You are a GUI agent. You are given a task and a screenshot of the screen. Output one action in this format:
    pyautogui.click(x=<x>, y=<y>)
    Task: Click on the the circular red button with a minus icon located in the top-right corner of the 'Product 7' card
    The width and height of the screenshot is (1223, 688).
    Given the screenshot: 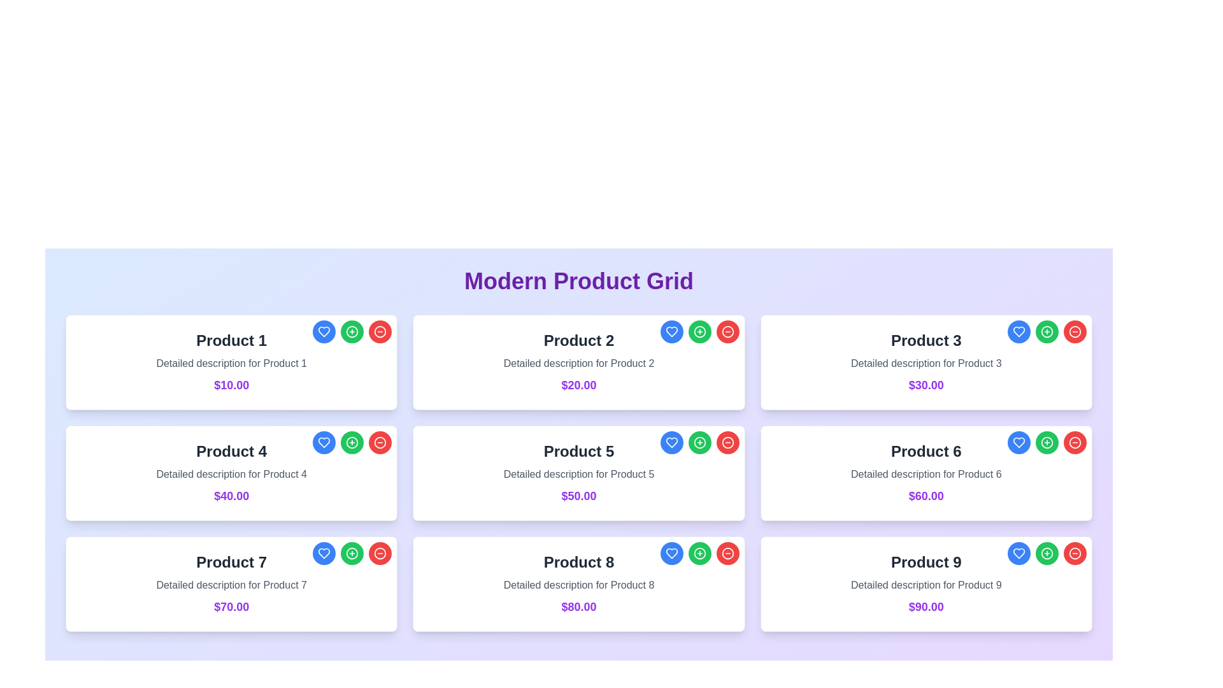 What is the action you would take?
    pyautogui.click(x=380, y=552)
    